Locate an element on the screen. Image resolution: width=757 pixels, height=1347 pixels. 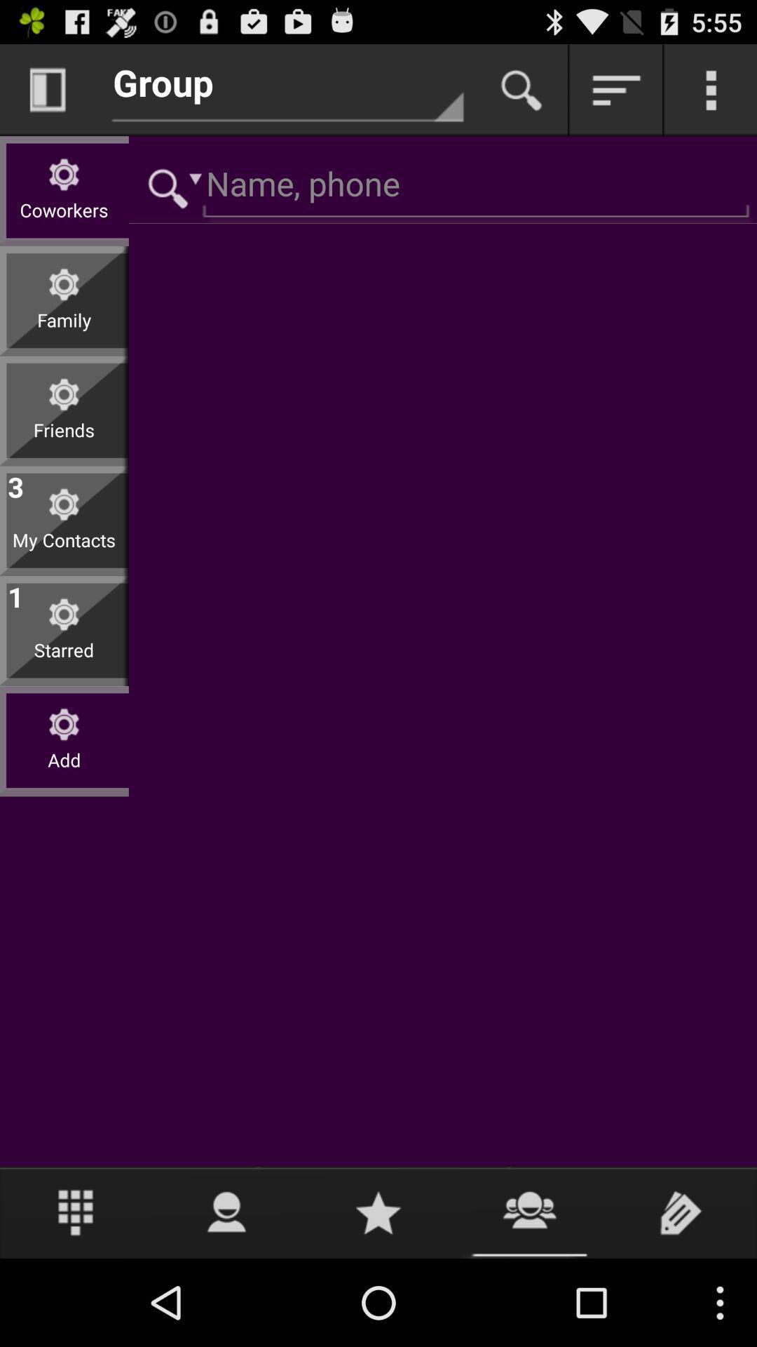
the search icon is located at coordinates (521, 95).